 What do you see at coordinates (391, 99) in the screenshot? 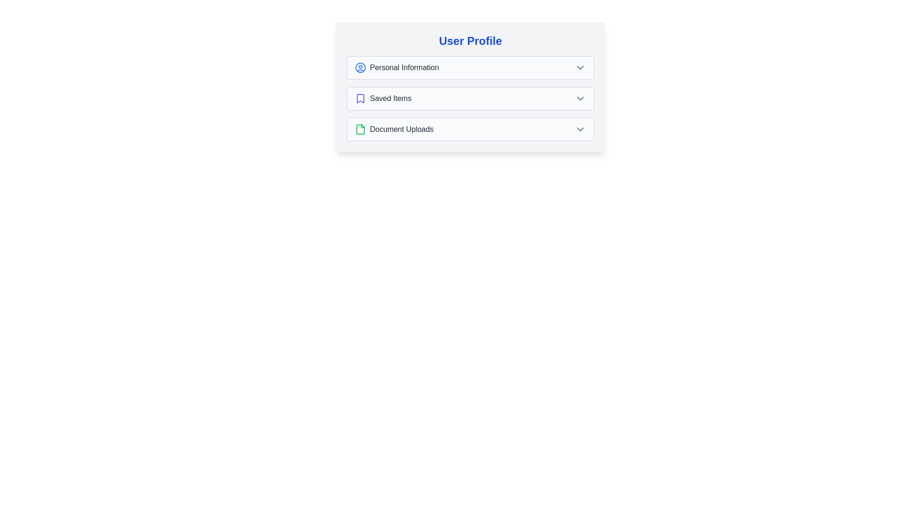
I see `the text label 'Saved Items' which is displayed in bold, gray font, located next to a blue bookmark icon in the User Profile section` at bounding box center [391, 99].